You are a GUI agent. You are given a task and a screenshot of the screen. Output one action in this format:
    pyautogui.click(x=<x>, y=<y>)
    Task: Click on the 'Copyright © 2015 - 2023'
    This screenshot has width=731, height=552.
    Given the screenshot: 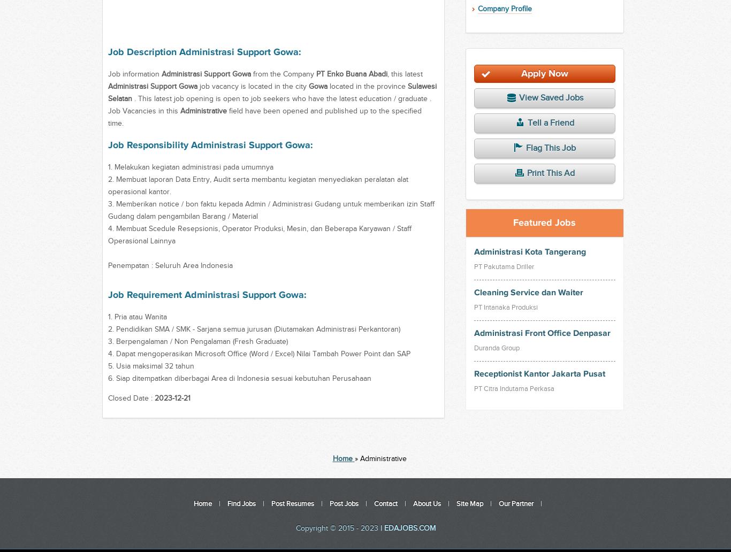 What is the action you would take?
    pyautogui.click(x=295, y=528)
    